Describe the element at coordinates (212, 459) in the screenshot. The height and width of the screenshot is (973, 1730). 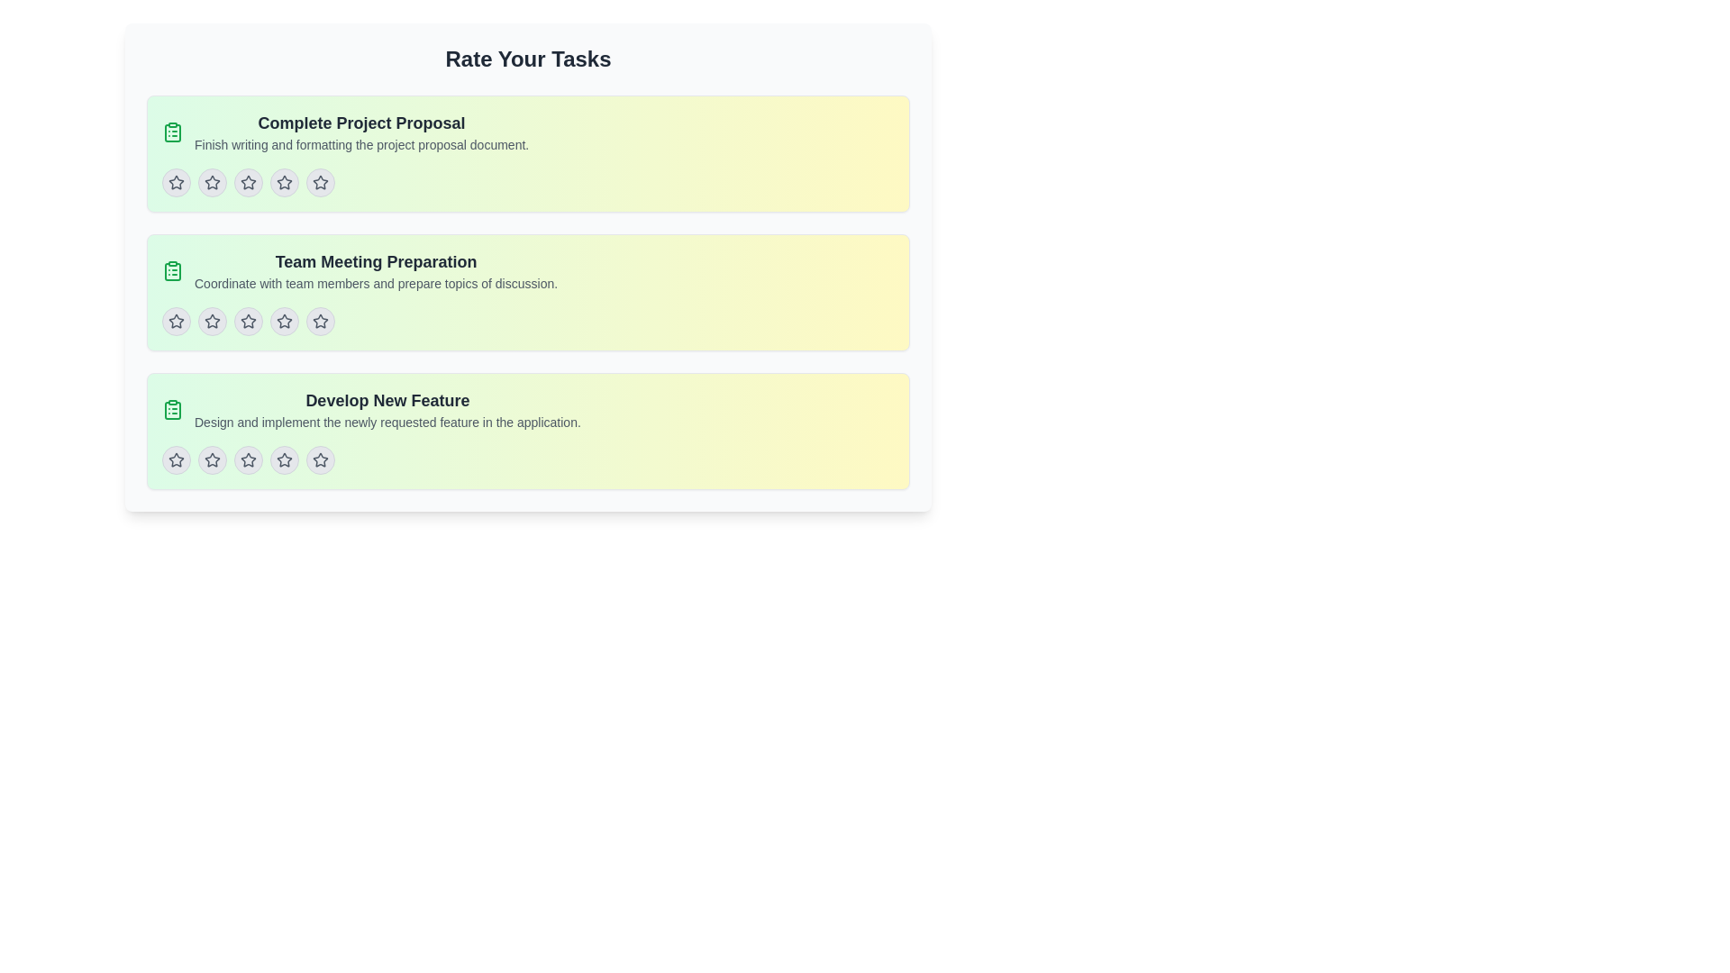
I see `the first star-shaped icon in the rating section of the 'Develop New Feature' task card` at that location.